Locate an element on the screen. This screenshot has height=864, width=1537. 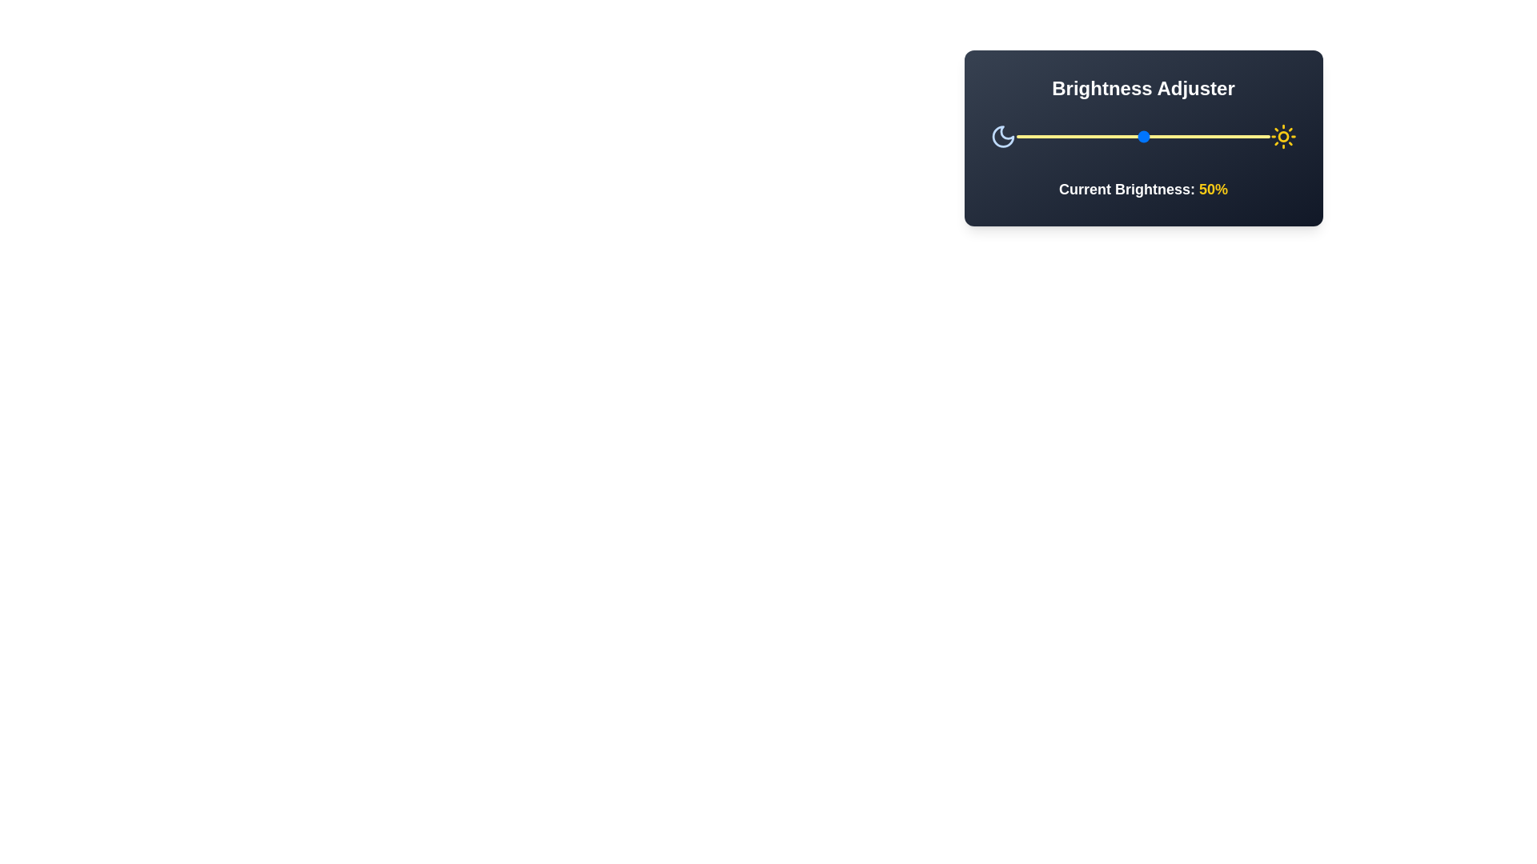
the Sun icon to adjust the brightness is located at coordinates (1283, 135).